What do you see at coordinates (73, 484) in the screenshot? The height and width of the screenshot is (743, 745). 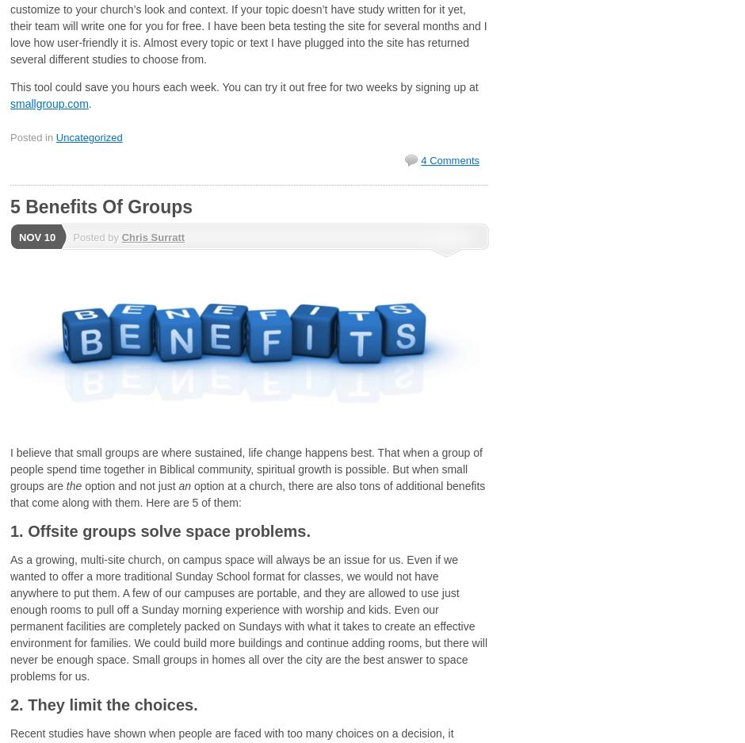 I see `'the'` at bounding box center [73, 484].